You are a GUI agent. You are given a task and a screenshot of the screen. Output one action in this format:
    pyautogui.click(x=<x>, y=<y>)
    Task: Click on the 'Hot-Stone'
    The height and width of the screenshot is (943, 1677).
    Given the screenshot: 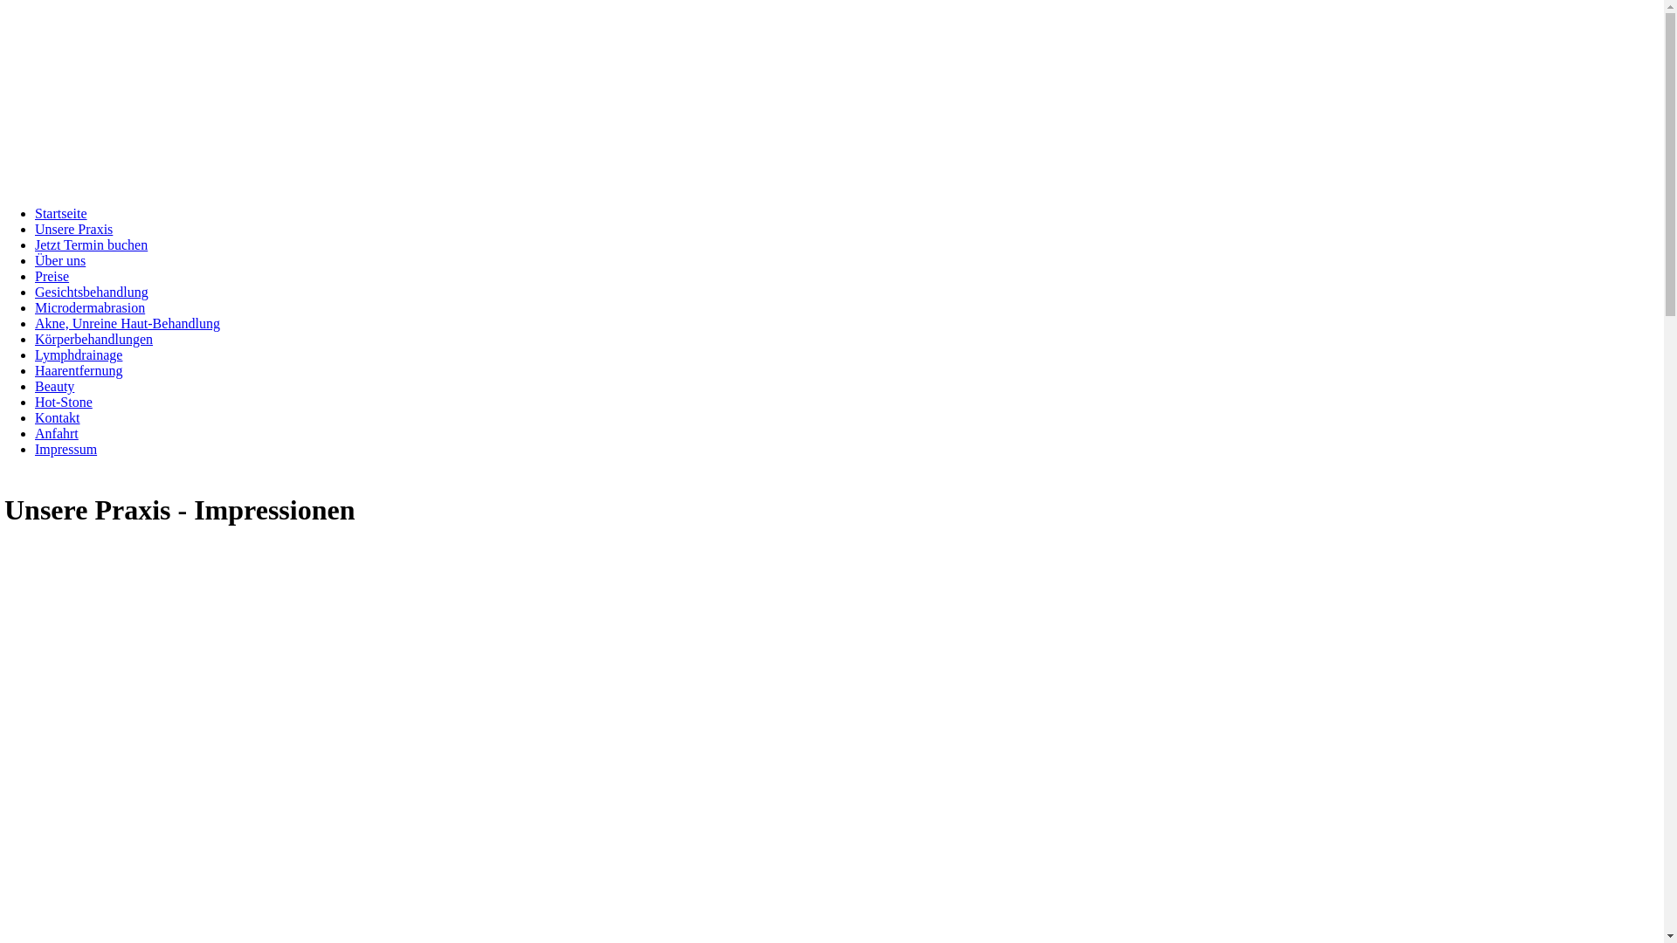 What is the action you would take?
    pyautogui.click(x=63, y=402)
    